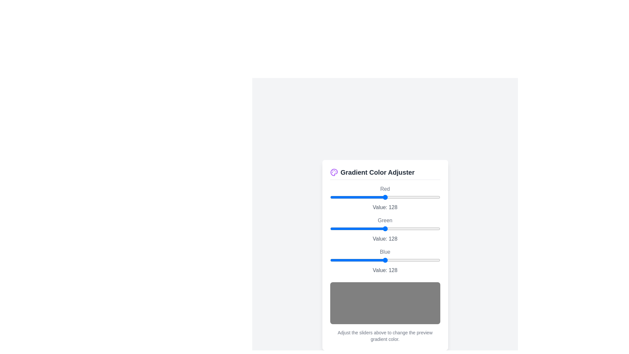 The height and width of the screenshot is (354, 629). Describe the element at coordinates (340, 197) in the screenshot. I see `the red slider to set its value to 24` at that location.